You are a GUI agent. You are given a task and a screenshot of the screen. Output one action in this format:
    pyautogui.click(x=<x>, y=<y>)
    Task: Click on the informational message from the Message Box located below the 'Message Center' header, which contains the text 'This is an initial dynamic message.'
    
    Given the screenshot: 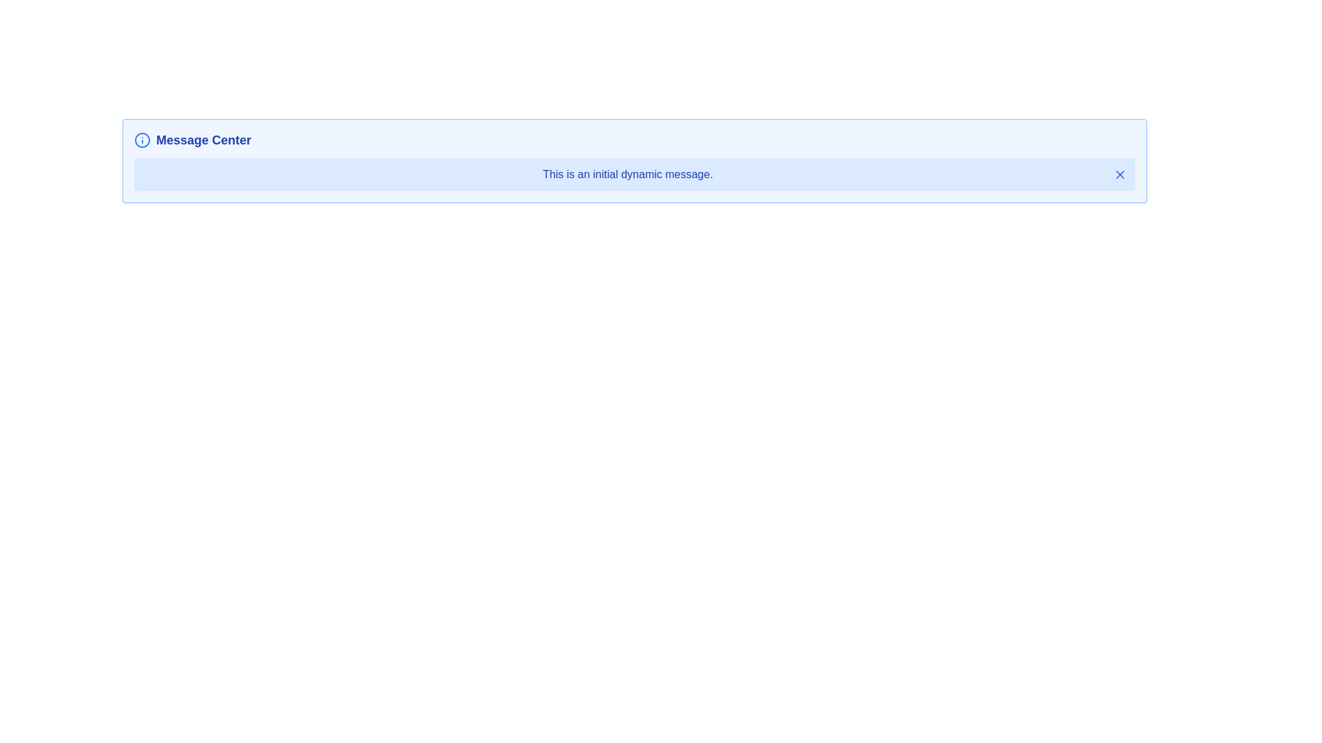 What is the action you would take?
    pyautogui.click(x=633, y=174)
    